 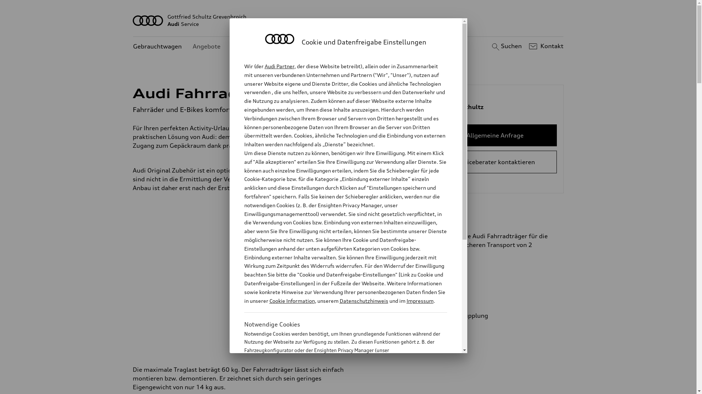 What do you see at coordinates (505, 46) in the screenshot?
I see `'Suchen'` at bounding box center [505, 46].